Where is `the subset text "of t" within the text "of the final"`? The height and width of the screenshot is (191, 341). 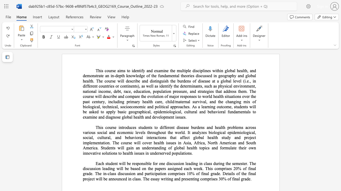
the subset text "of t" within the text "of the final" is located at coordinates (236, 173).